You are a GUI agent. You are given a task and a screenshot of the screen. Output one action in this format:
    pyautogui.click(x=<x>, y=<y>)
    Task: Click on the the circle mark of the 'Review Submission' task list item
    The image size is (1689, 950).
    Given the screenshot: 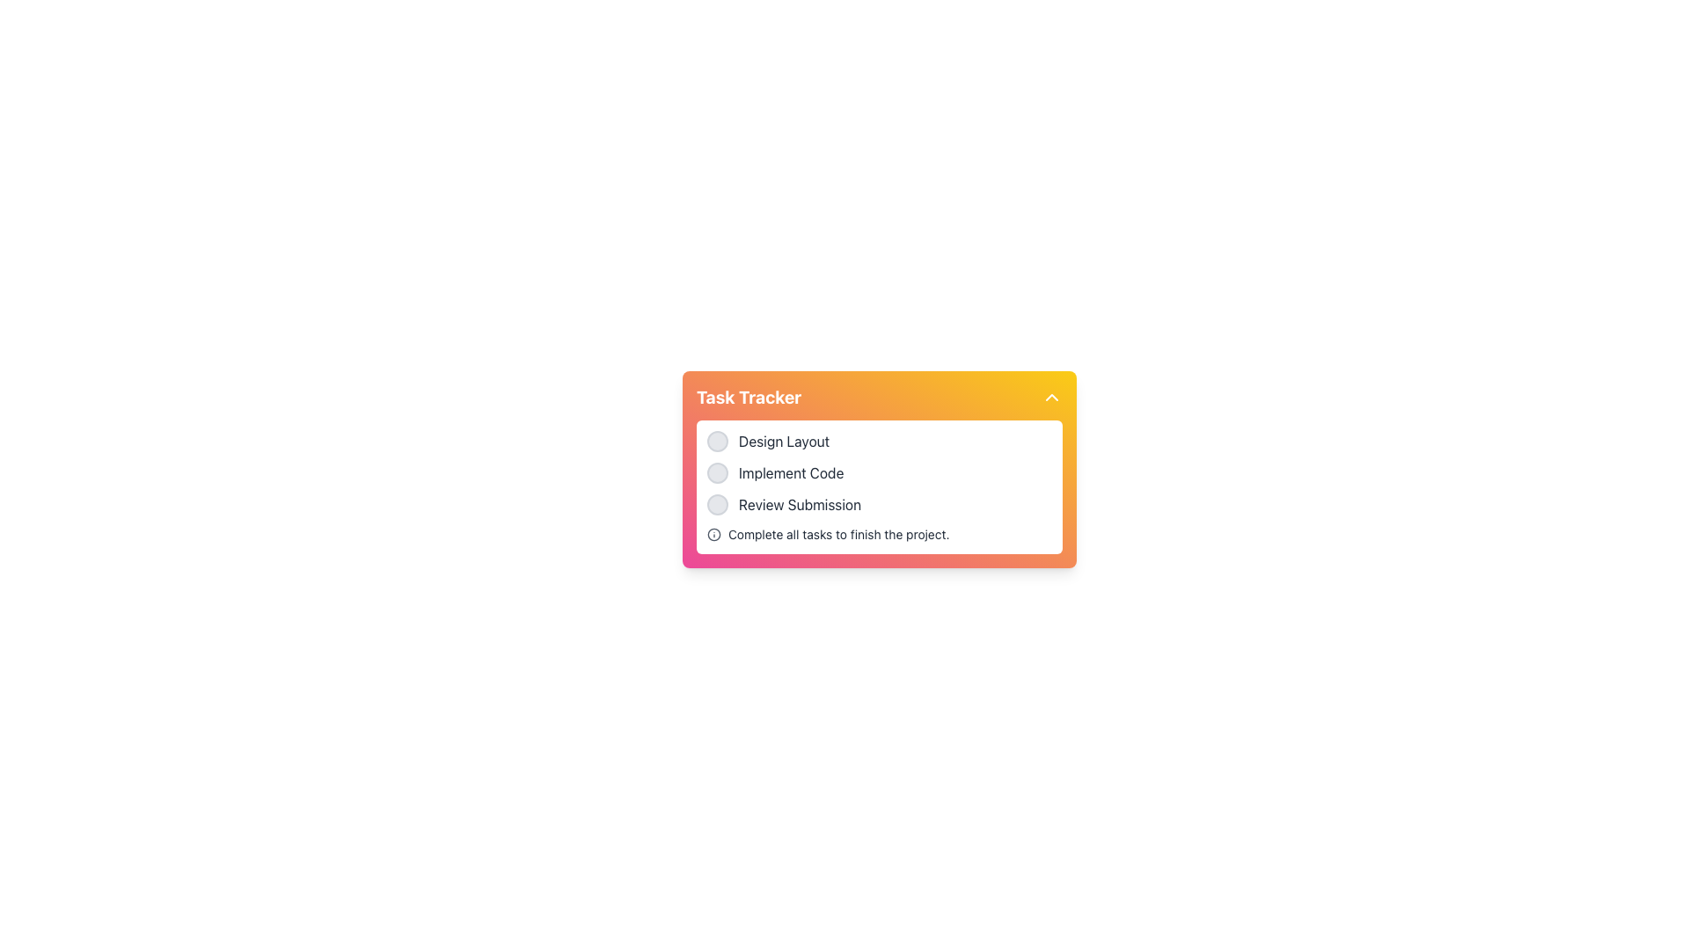 What is the action you would take?
    pyautogui.click(x=879, y=505)
    